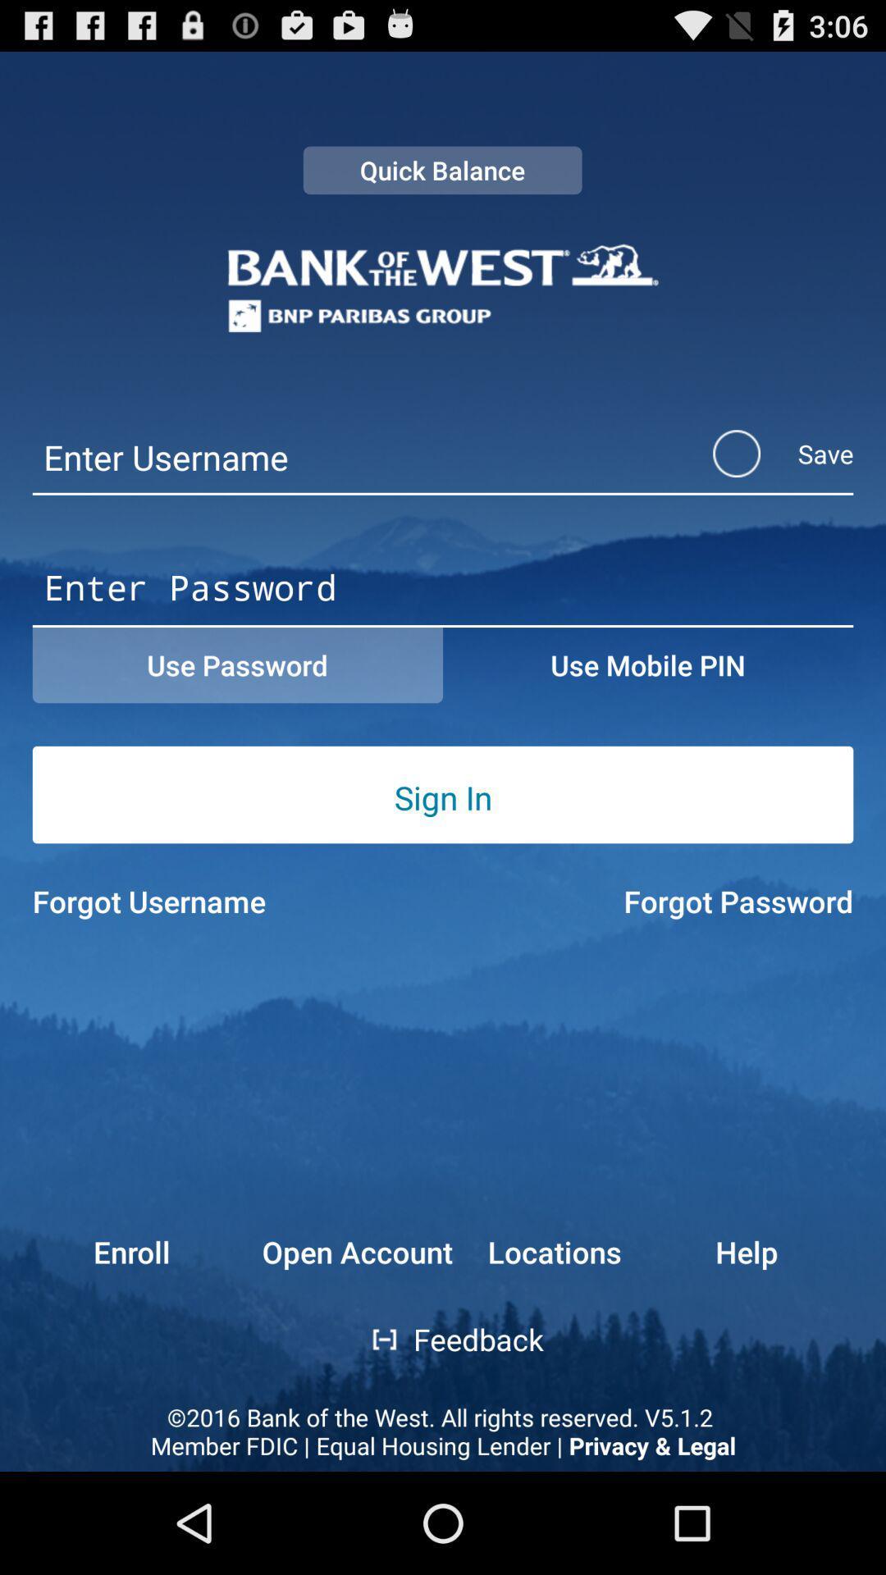 The height and width of the screenshot is (1575, 886). I want to click on the icon to the left of the feedback, so click(373, 1340).